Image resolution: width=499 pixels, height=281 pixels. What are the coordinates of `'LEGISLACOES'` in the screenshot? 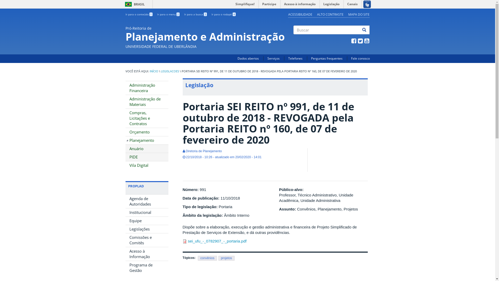 It's located at (169, 71).